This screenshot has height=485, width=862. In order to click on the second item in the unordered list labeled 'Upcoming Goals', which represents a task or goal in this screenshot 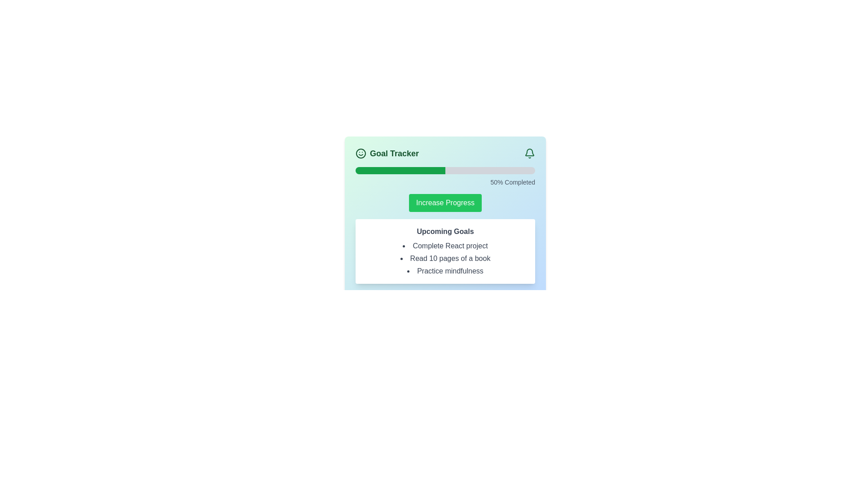, I will do `click(445, 258)`.